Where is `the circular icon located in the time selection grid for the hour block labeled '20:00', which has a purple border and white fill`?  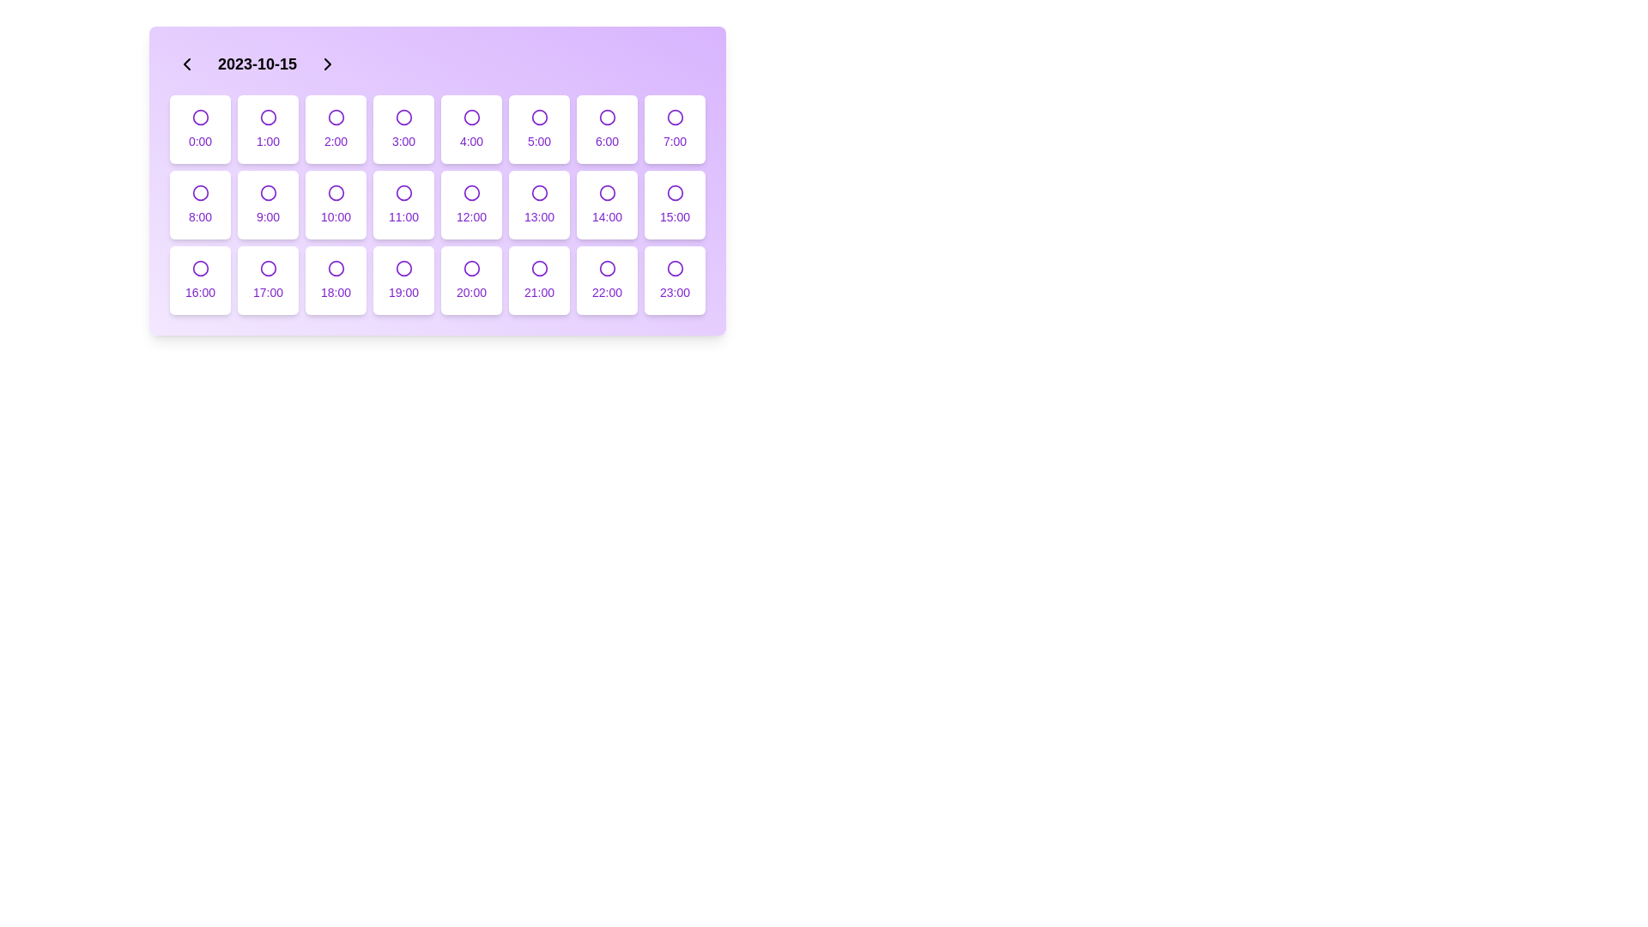 the circular icon located in the time selection grid for the hour block labeled '20:00', which has a purple border and white fill is located at coordinates (471, 268).